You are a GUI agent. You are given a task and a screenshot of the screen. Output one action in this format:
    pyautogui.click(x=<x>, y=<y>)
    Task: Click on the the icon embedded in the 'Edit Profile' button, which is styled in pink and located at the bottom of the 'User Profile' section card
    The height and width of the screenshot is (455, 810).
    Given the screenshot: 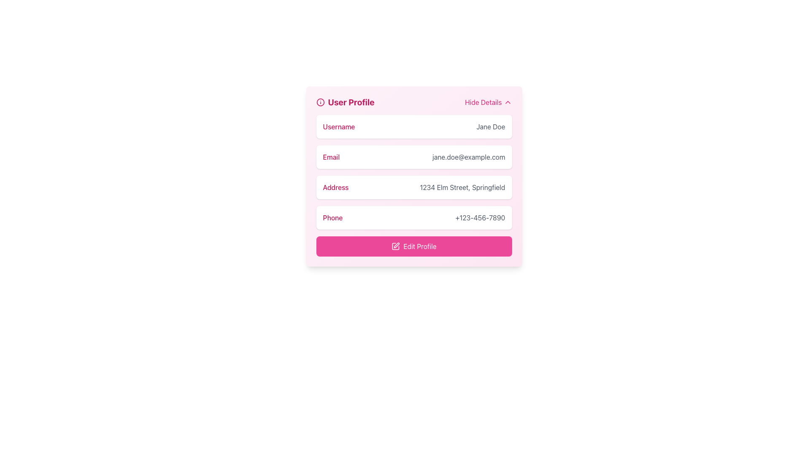 What is the action you would take?
    pyautogui.click(x=395, y=246)
    